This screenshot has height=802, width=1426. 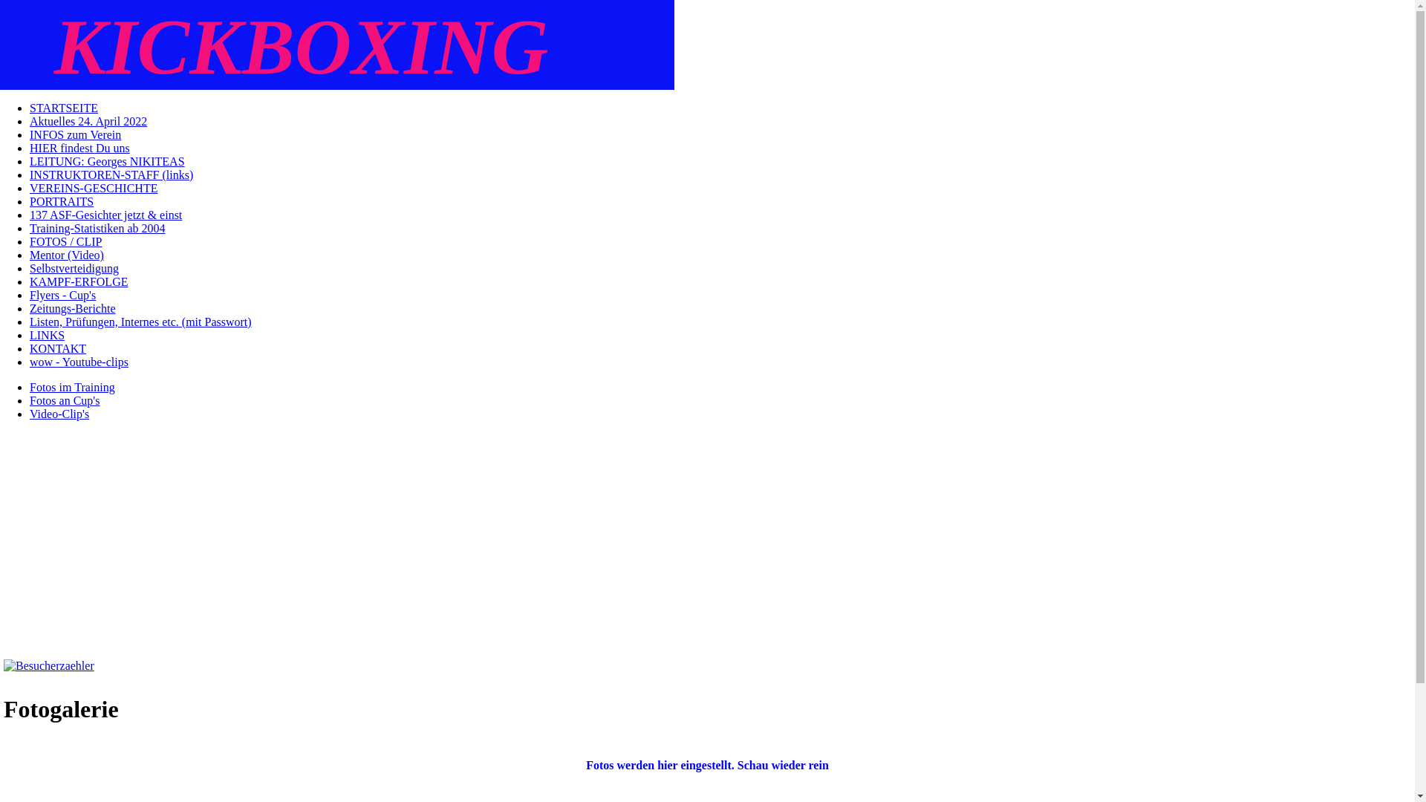 I want to click on 'KAMPF-ERFOLGE', so click(x=77, y=281).